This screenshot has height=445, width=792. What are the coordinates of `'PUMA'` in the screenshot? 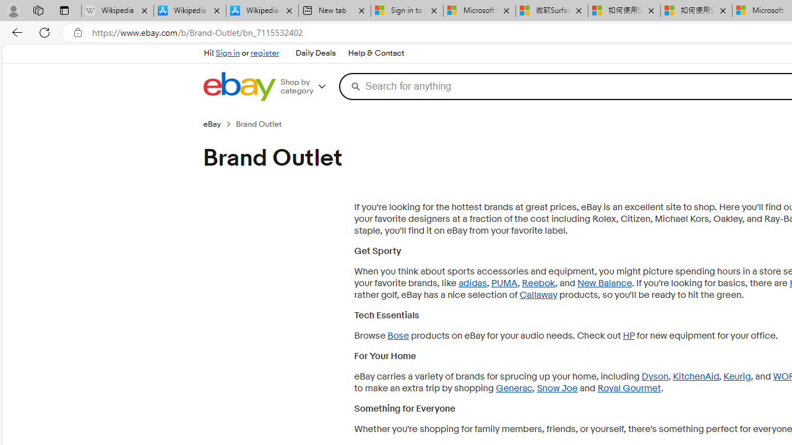 It's located at (504, 283).